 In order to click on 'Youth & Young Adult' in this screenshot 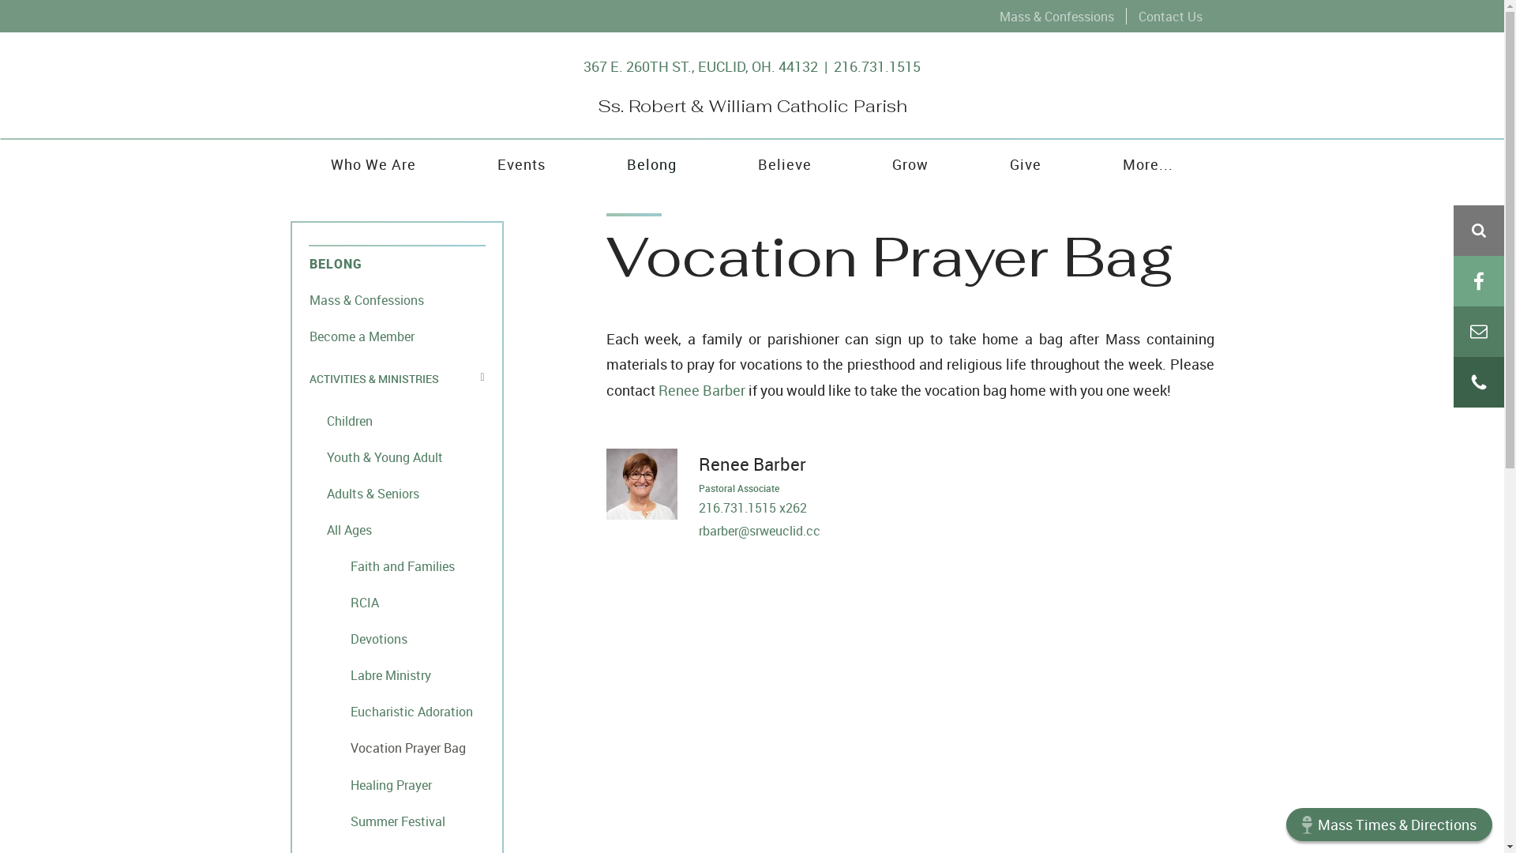, I will do `click(397, 457)`.